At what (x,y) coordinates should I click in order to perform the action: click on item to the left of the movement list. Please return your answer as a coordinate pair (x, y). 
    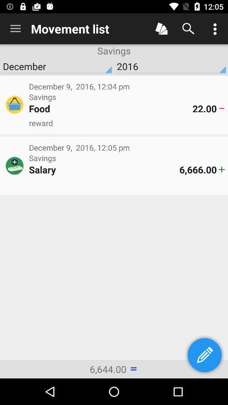
    Looking at the image, I should click on (15, 29).